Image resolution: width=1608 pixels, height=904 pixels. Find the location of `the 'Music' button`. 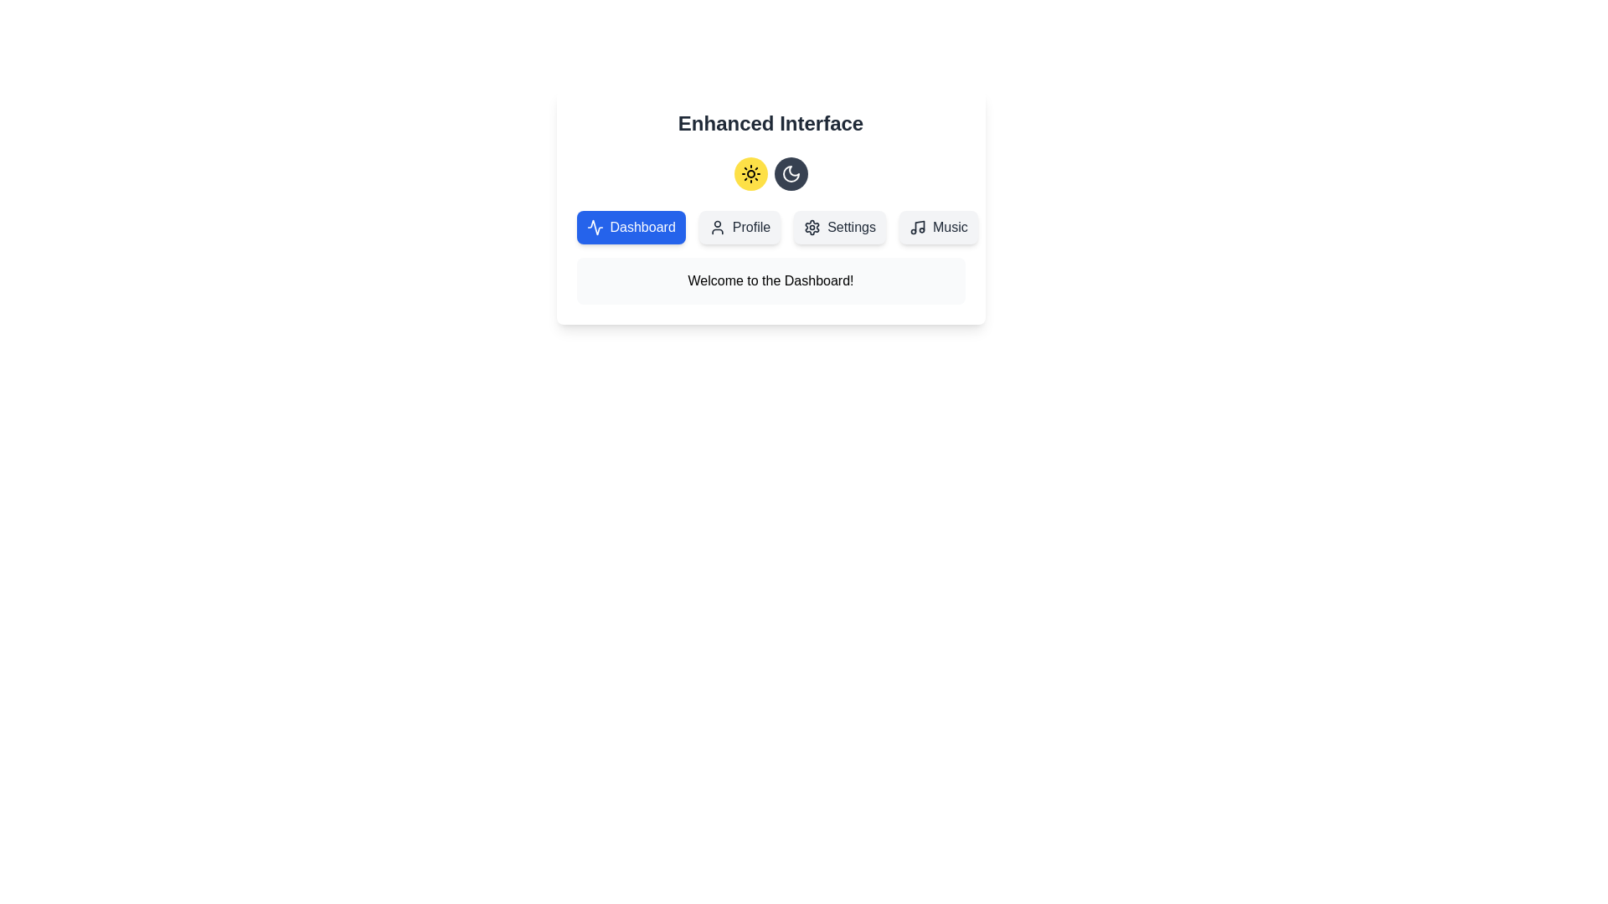

the 'Music' button is located at coordinates (938, 228).